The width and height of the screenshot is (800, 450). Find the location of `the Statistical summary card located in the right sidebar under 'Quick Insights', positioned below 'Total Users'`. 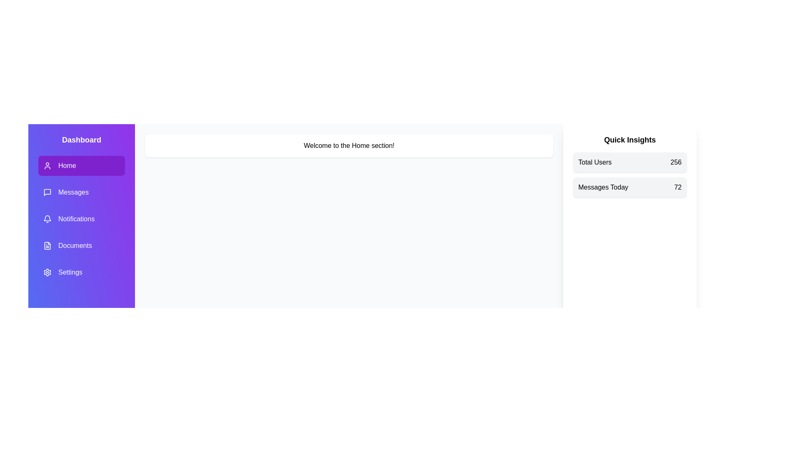

the Statistical summary card located in the right sidebar under 'Quick Insights', positioned below 'Total Users' is located at coordinates (630, 187).